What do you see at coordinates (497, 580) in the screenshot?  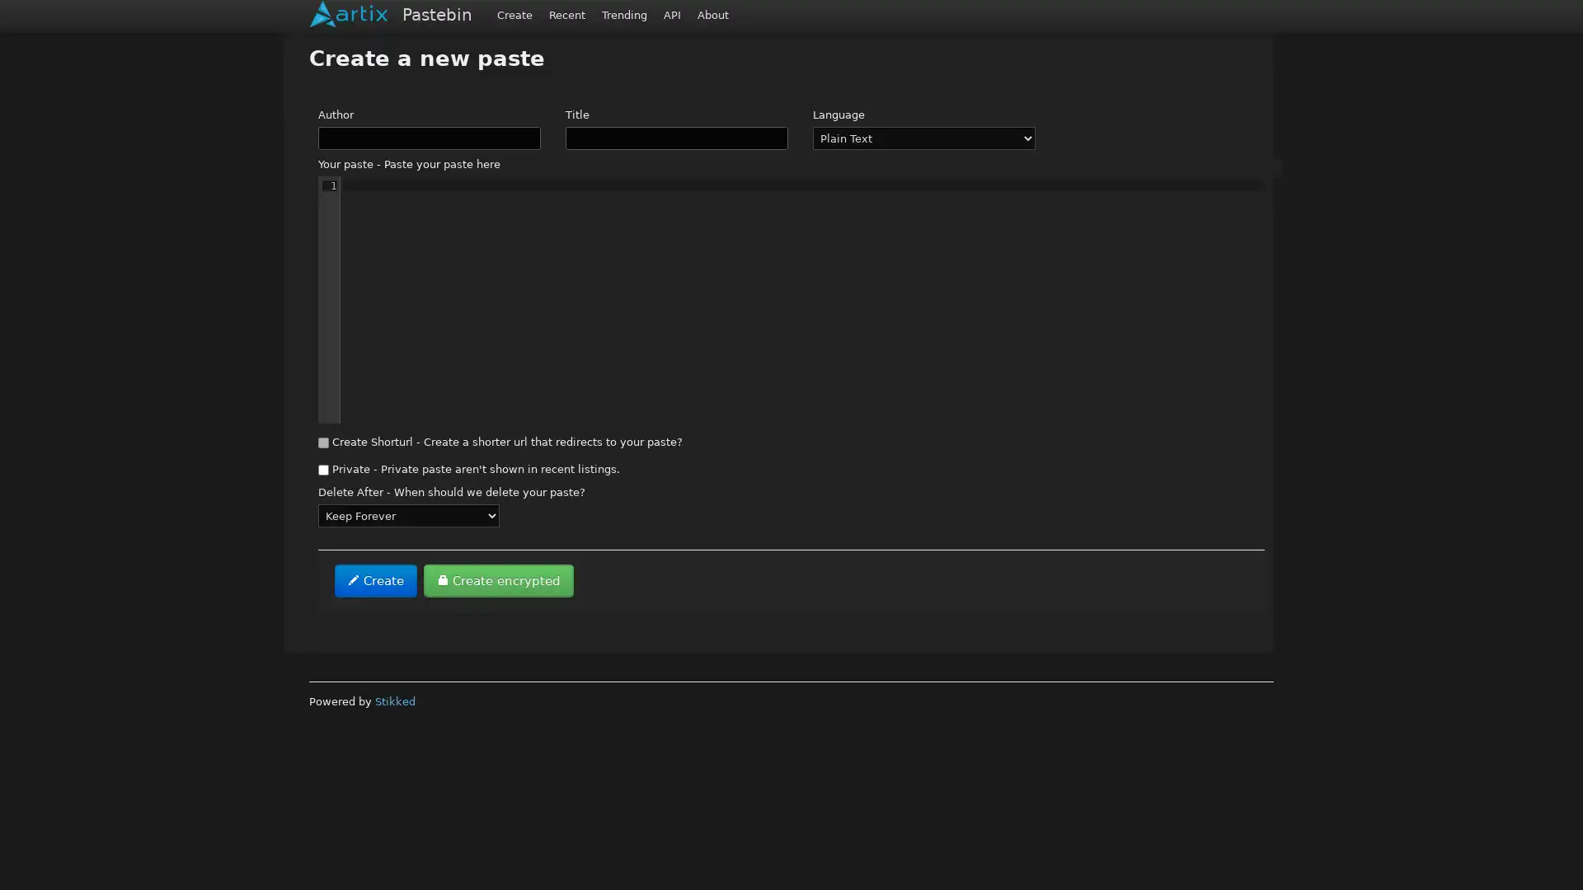 I see `Create encrypted` at bounding box center [497, 580].